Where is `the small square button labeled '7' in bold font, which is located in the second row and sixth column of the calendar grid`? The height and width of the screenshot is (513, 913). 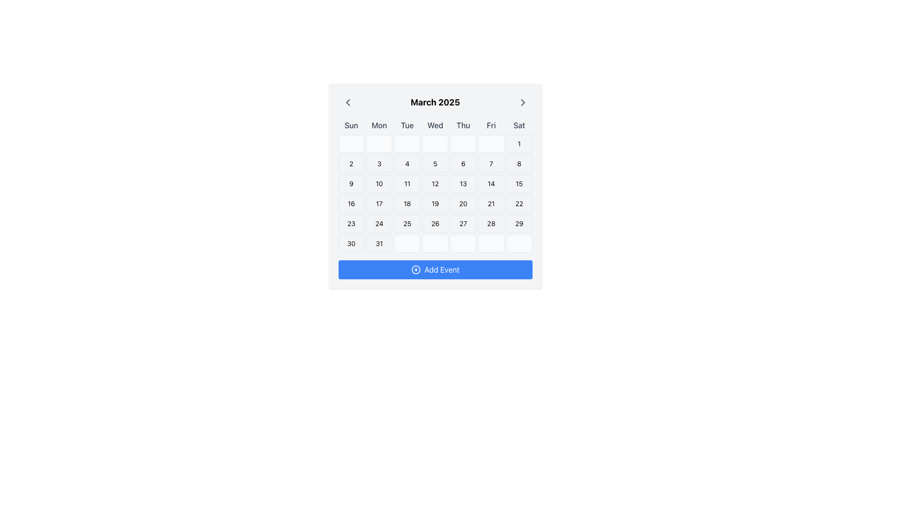 the small square button labeled '7' in bold font, which is located in the second row and sixth column of the calendar grid is located at coordinates (491, 163).